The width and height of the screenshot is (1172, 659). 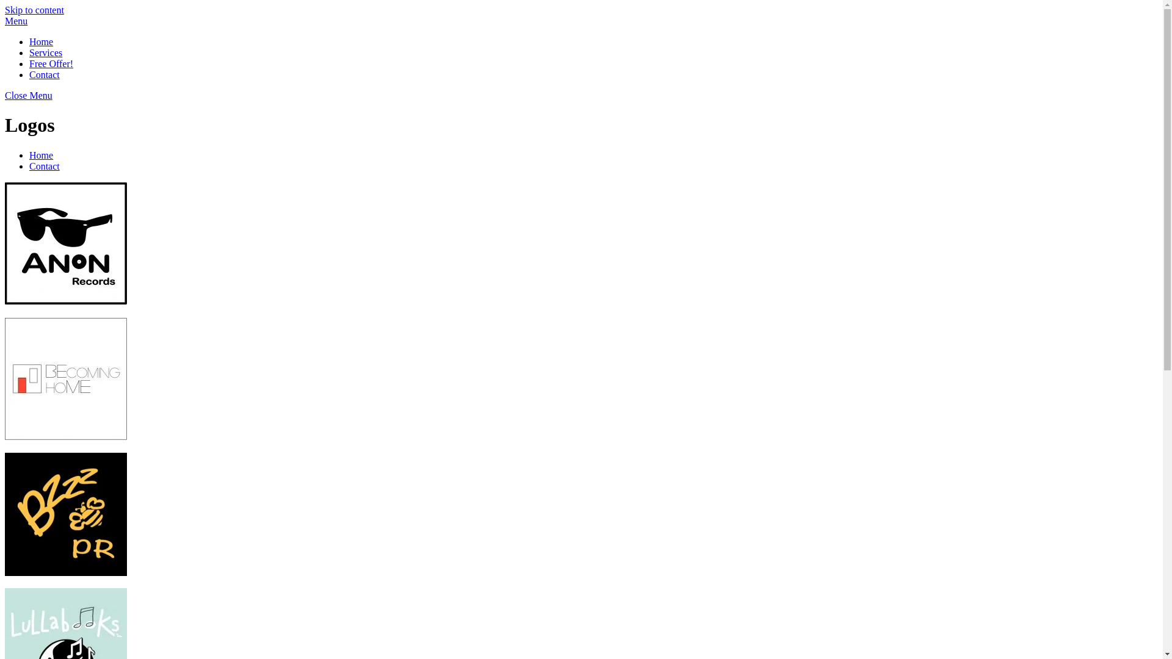 What do you see at coordinates (41, 154) in the screenshot?
I see `'Home'` at bounding box center [41, 154].